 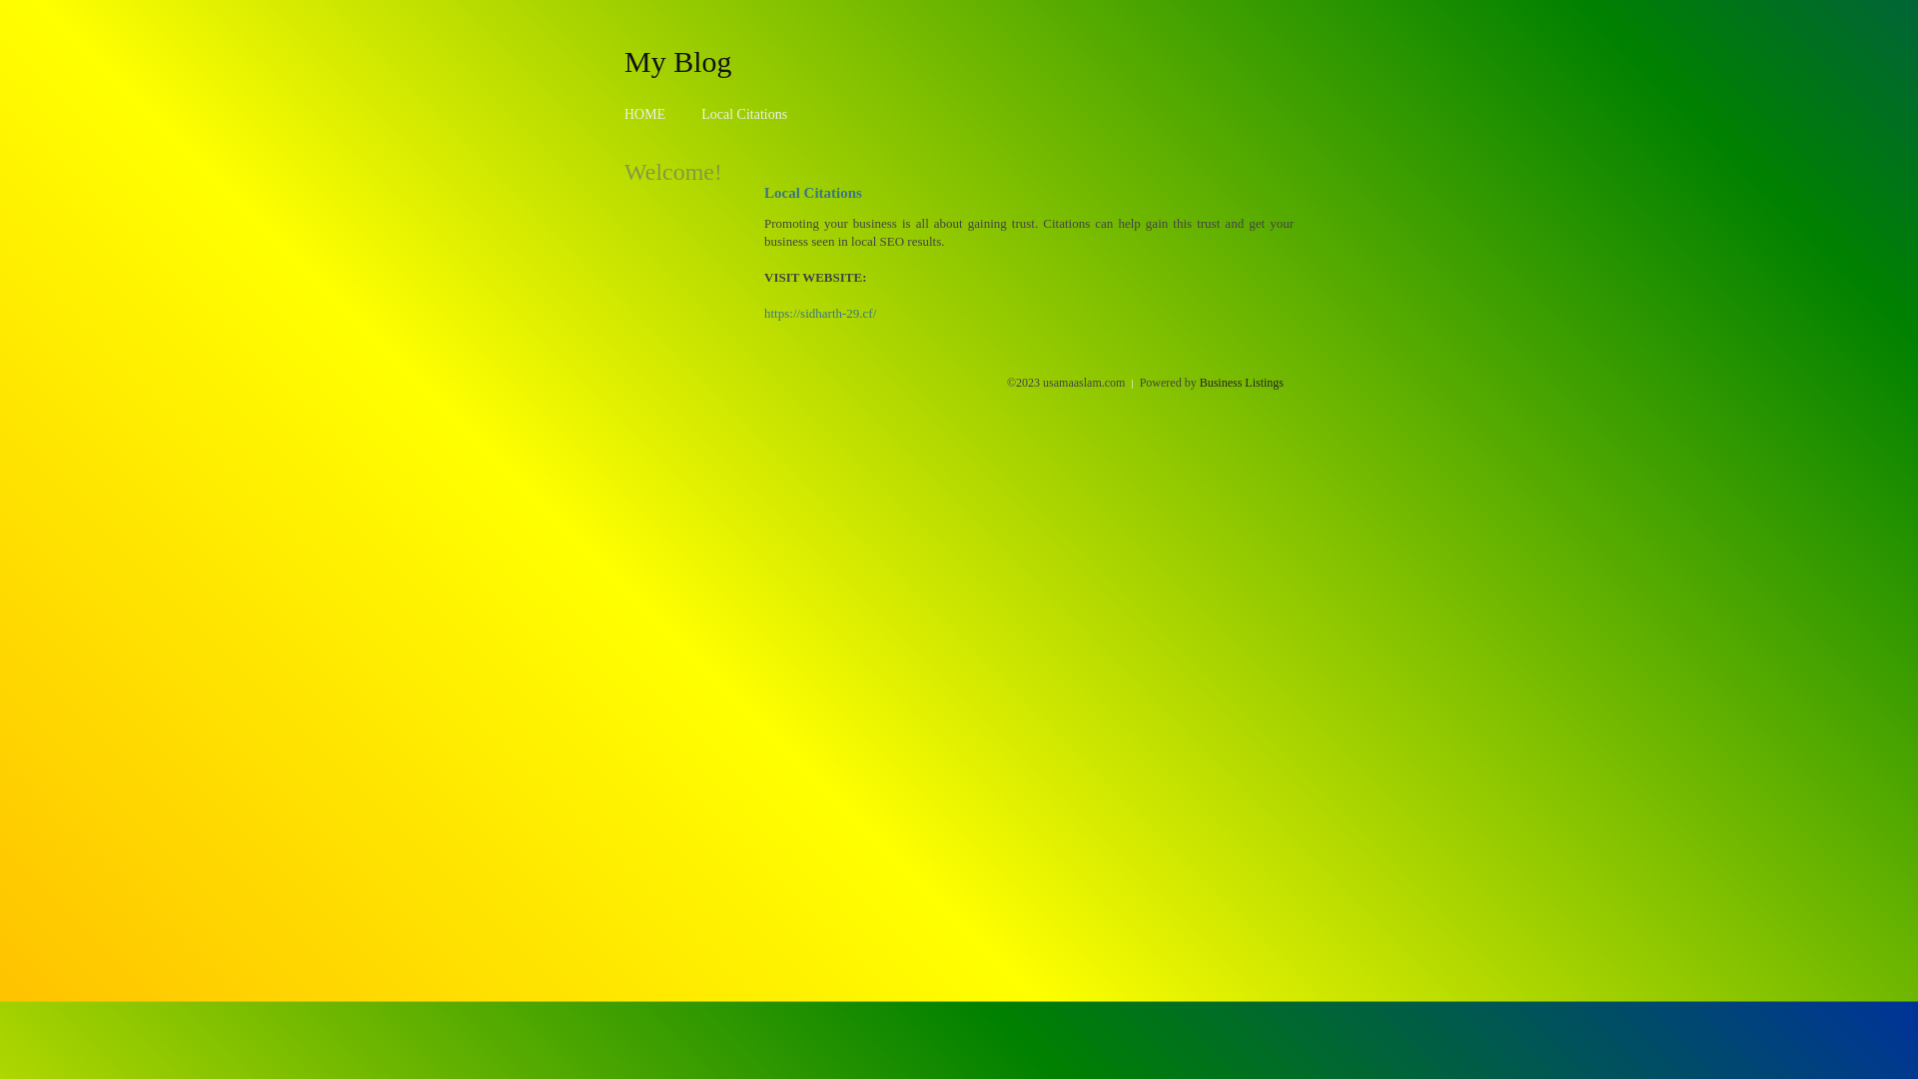 What do you see at coordinates (819, 313) in the screenshot?
I see `'https://sidharth-29.cf/'` at bounding box center [819, 313].